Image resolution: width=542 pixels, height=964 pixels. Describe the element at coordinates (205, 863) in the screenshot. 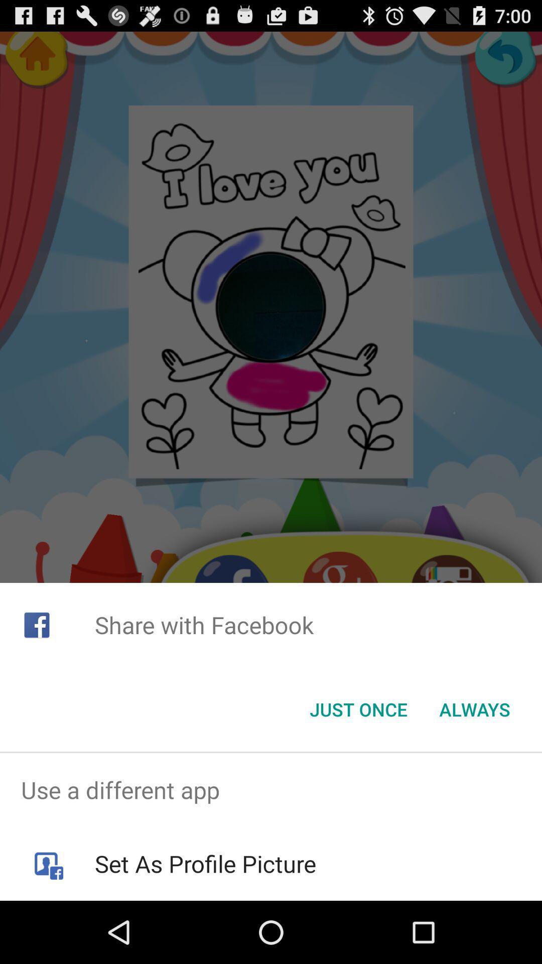

I see `the set as profile icon` at that location.